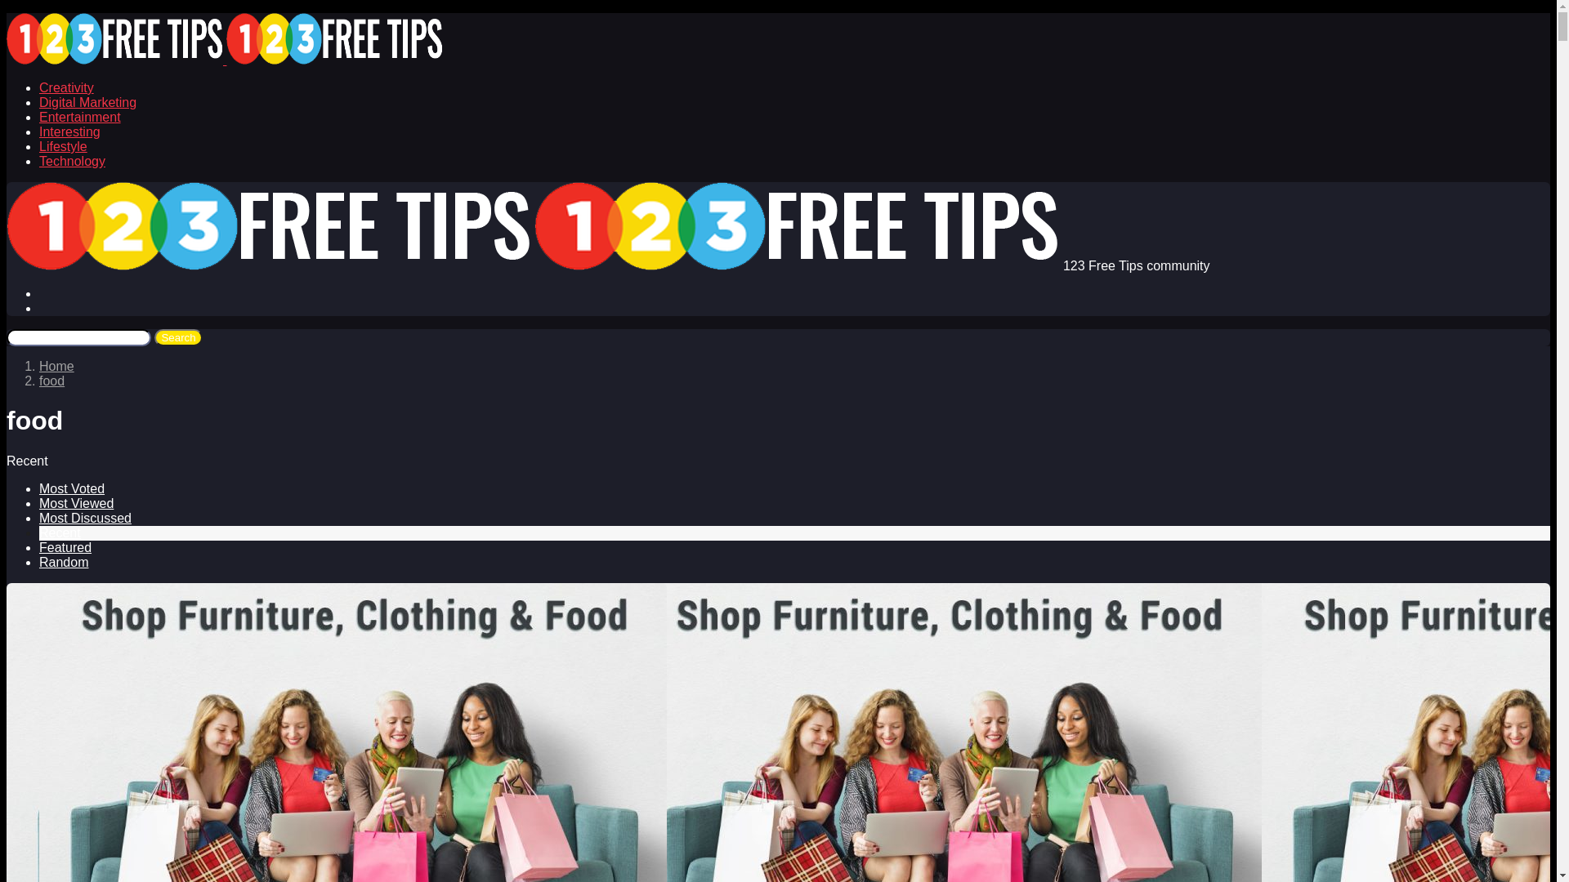  I want to click on 'Home', so click(56, 365).